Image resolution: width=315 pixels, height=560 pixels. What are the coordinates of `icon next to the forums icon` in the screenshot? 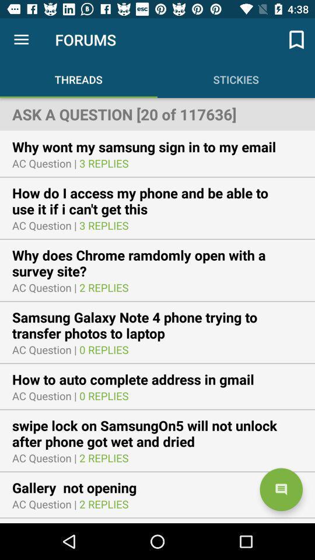 It's located at (296, 40).